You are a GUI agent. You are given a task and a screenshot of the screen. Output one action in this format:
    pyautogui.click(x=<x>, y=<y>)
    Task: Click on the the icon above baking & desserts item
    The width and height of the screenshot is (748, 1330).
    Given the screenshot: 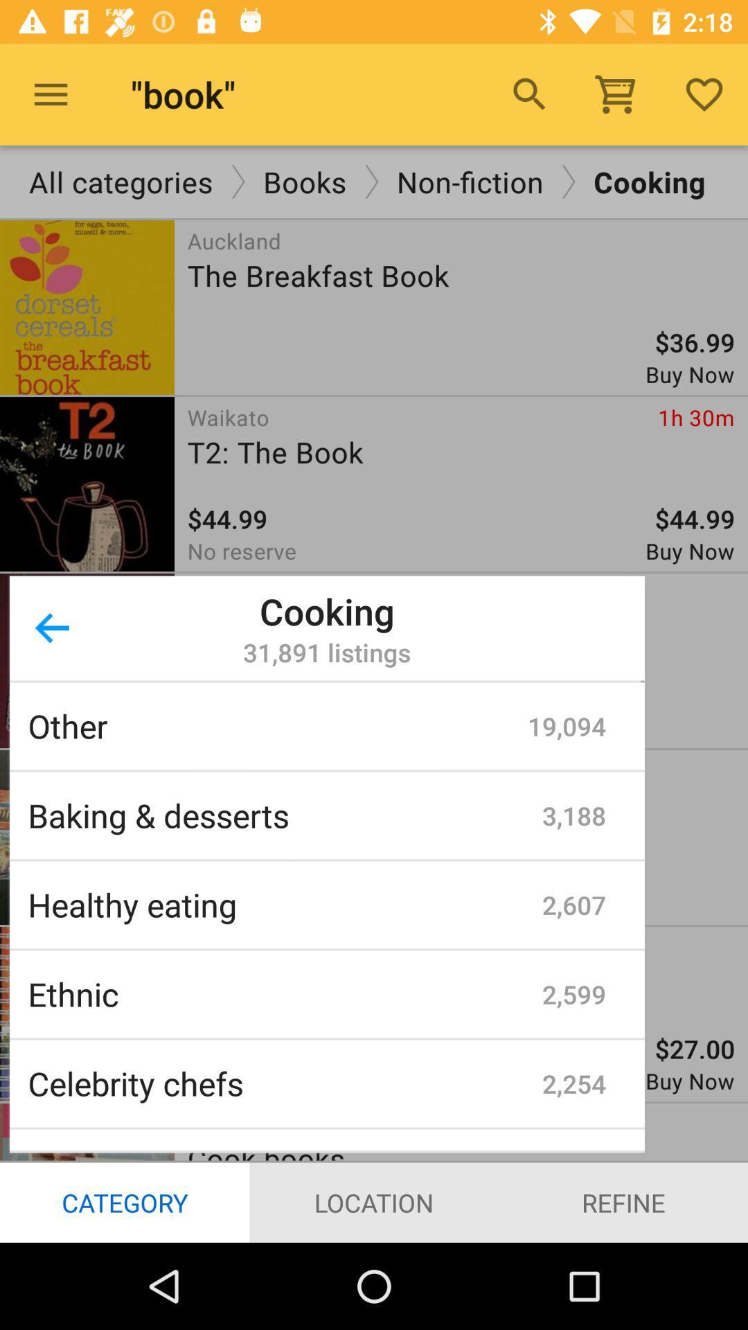 What is the action you would take?
    pyautogui.click(x=278, y=725)
    